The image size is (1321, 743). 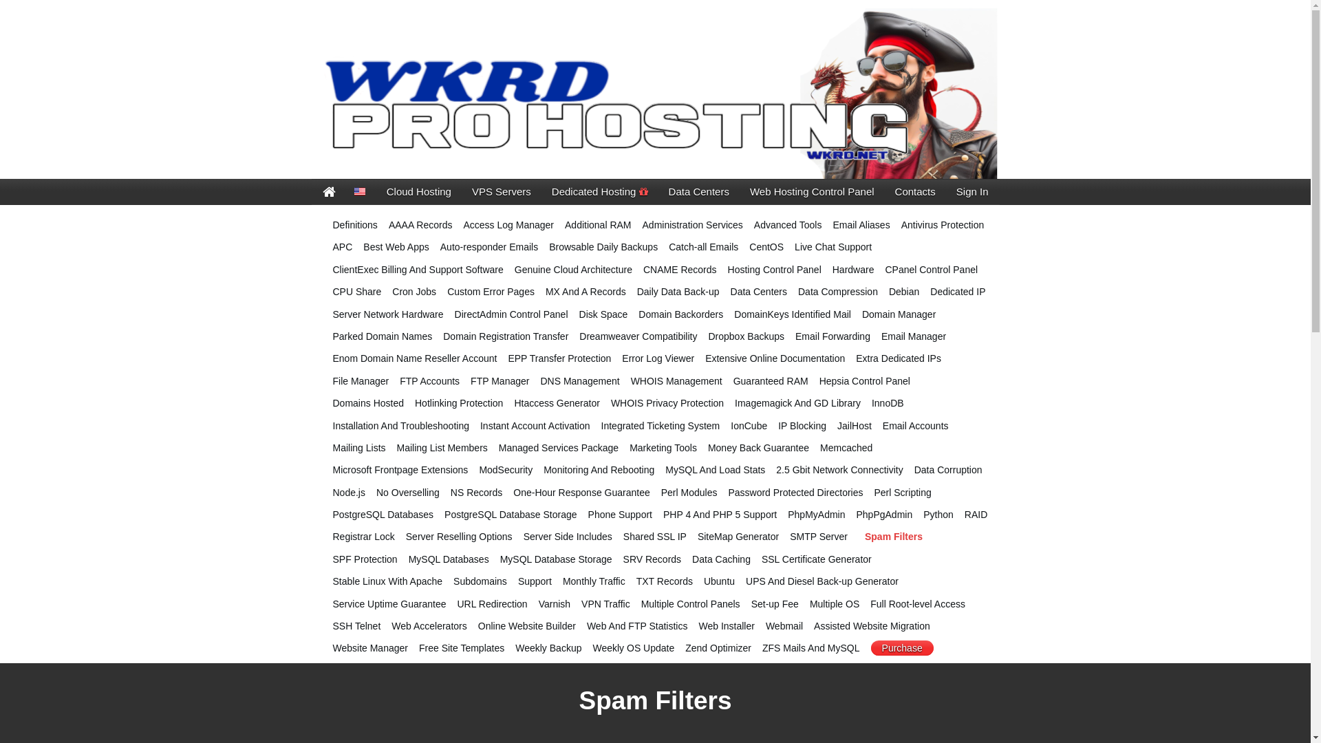 I want to click on 'FTP Manager', so click(x=471, y=381).